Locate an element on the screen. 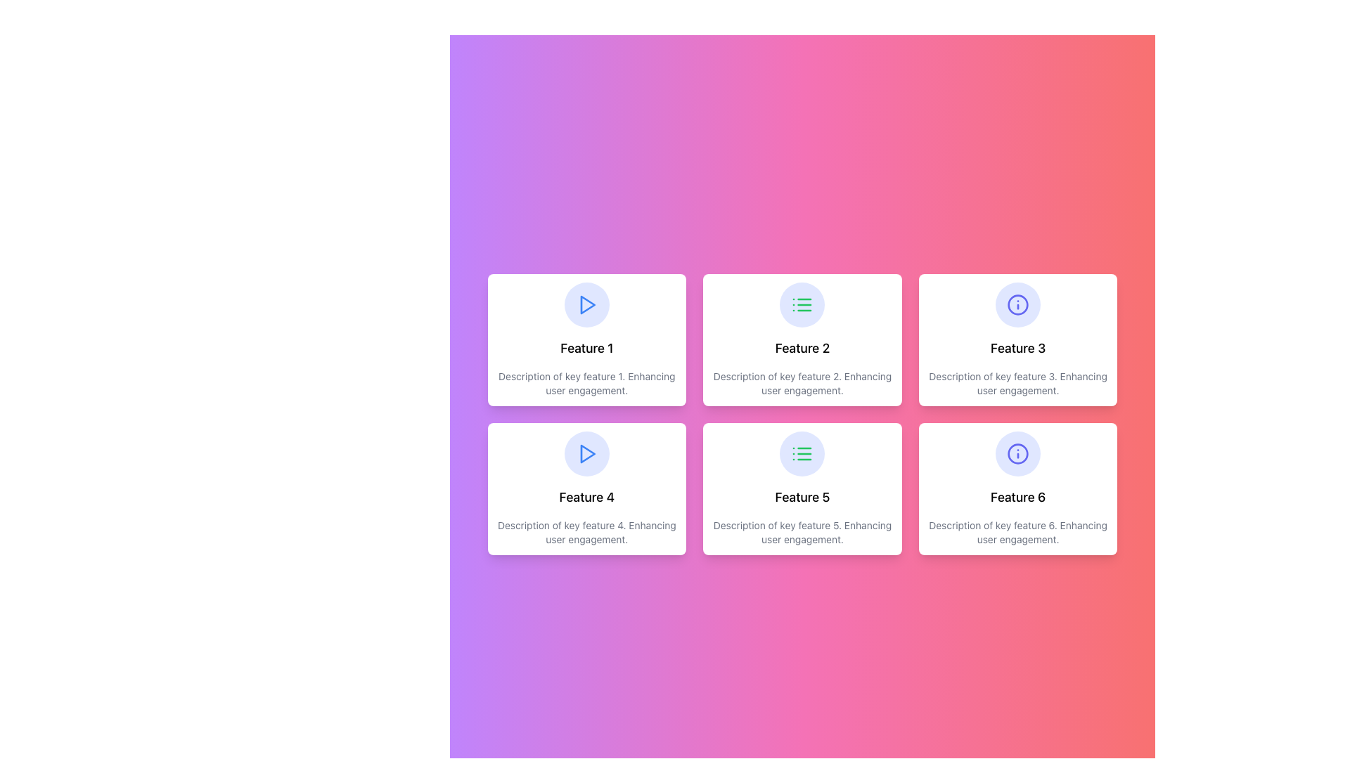  the Feature card labeled 'Feature 5', which has a white background, rounded corners, and contains a green list symbol icon at the top, to highlight it is located at coordinates (802, 488).